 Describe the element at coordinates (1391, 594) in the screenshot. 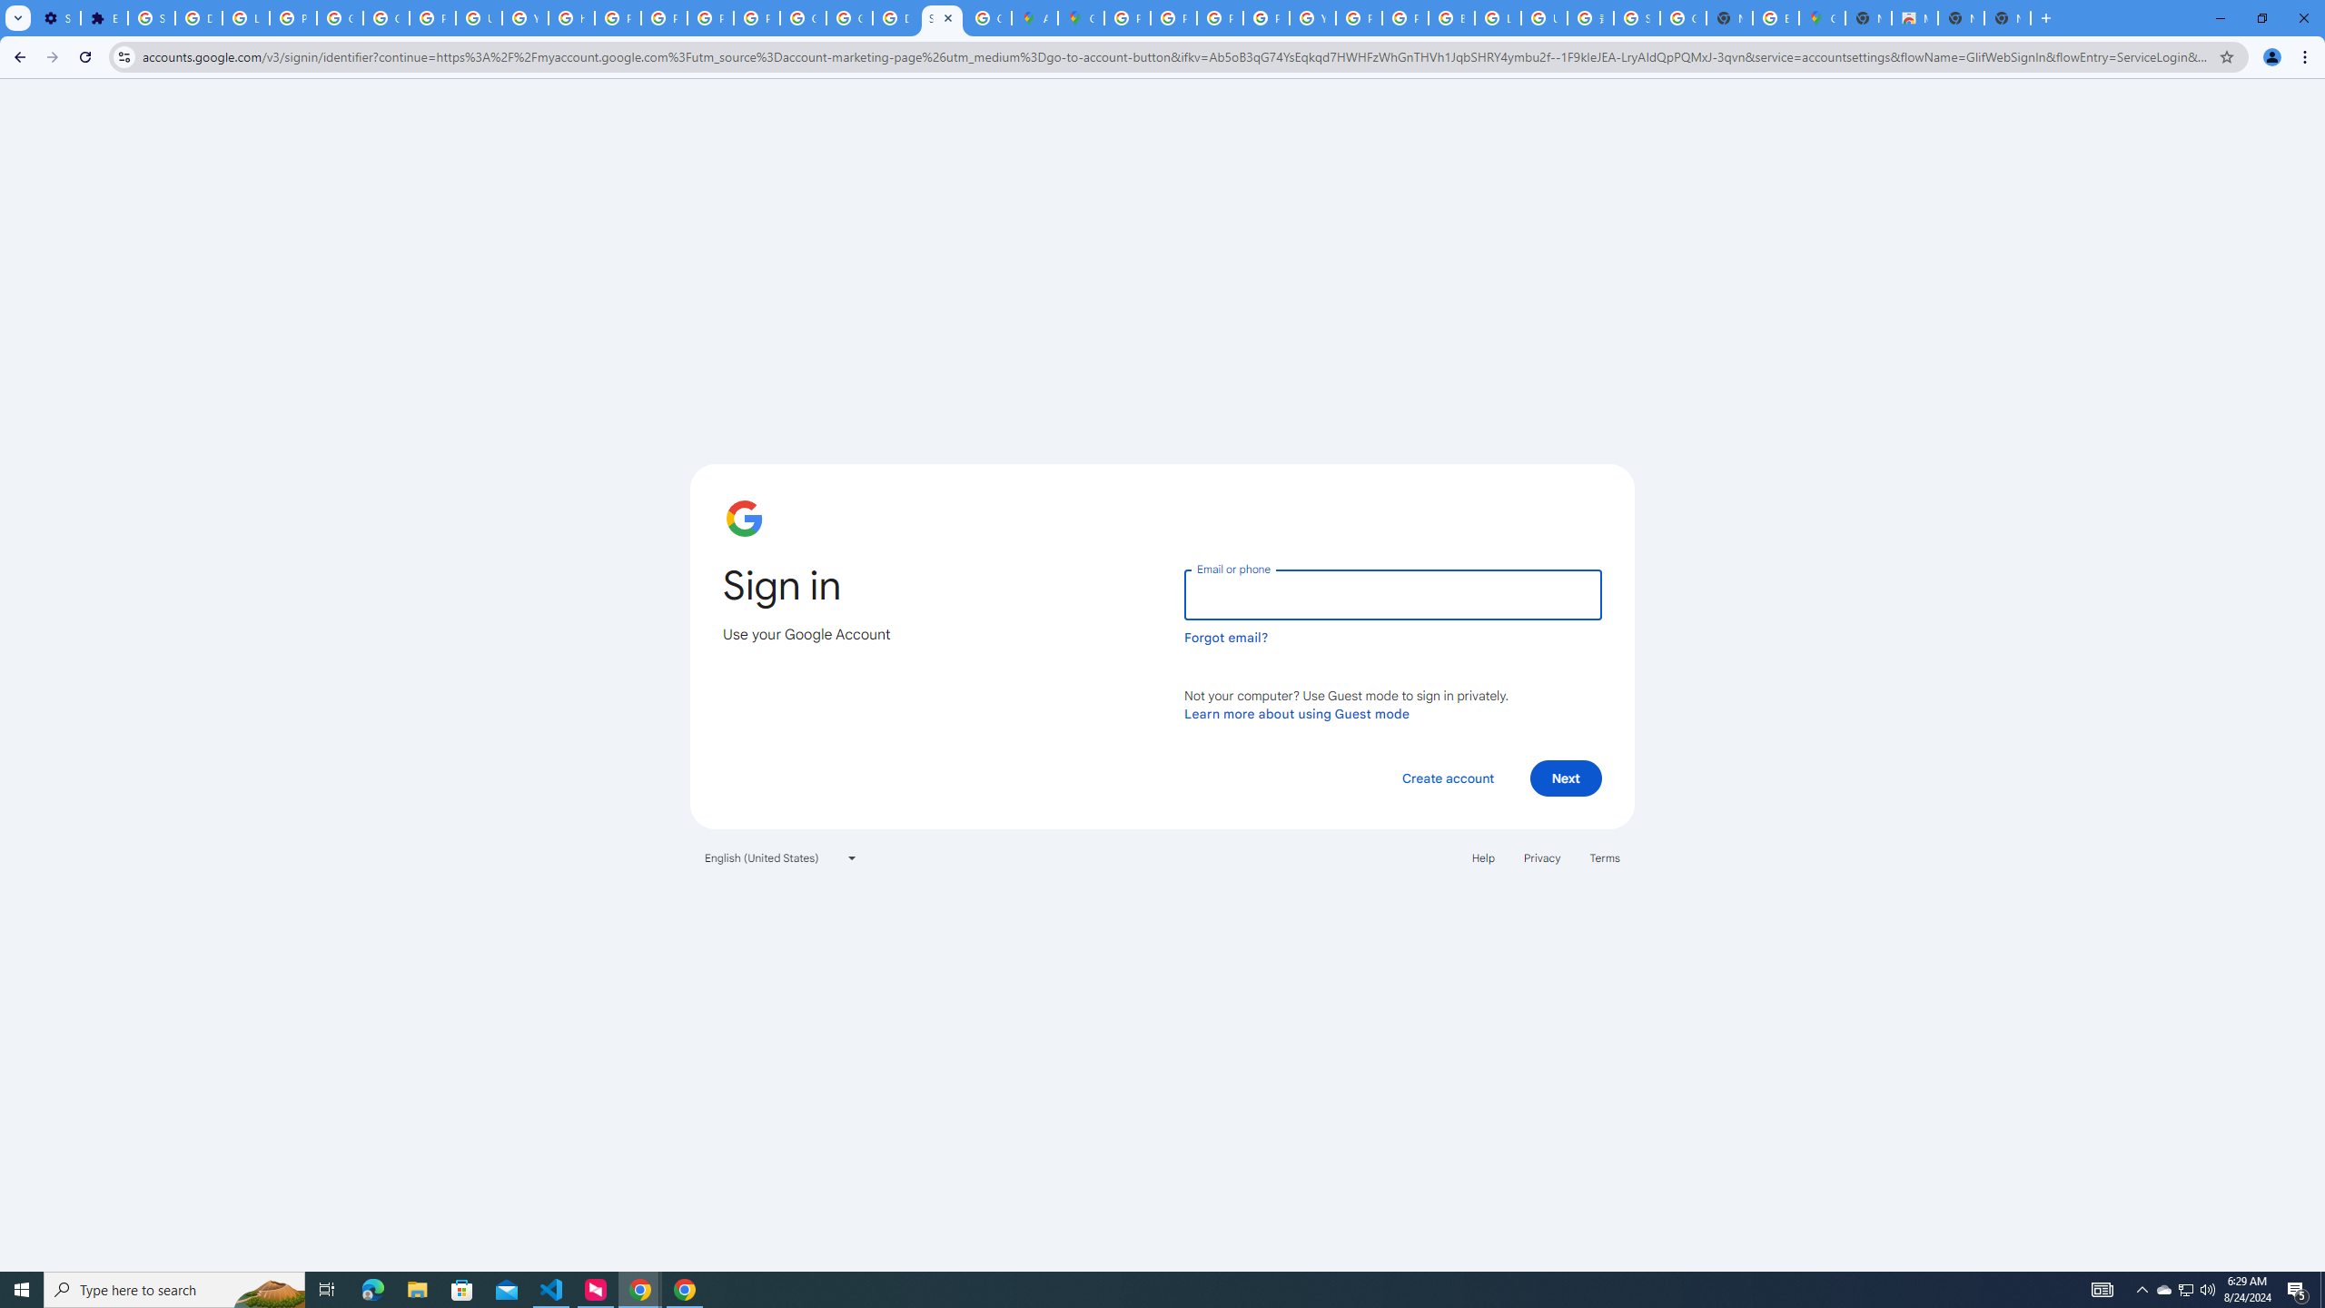

I see `'Email or phone'` at that location.